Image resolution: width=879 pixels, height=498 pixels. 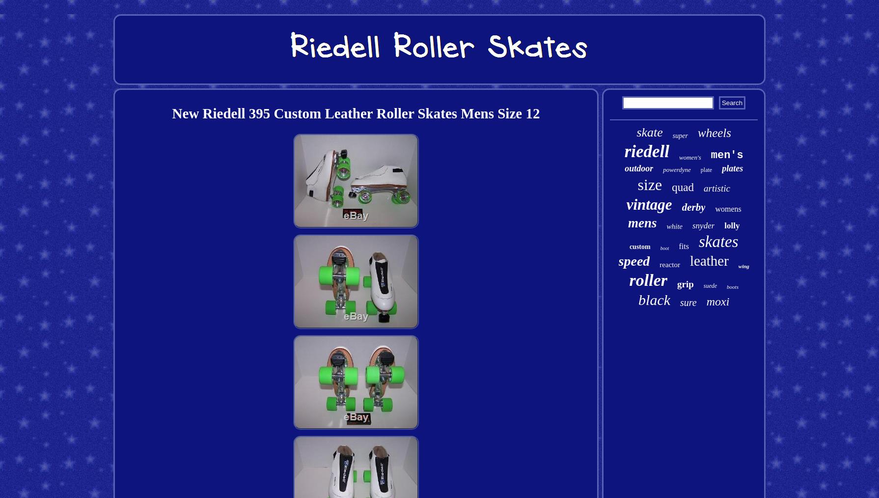 What do you see at coordinates (648, 279) in the screenshot?
I see `'roller'` at bounding box center [648, 279].